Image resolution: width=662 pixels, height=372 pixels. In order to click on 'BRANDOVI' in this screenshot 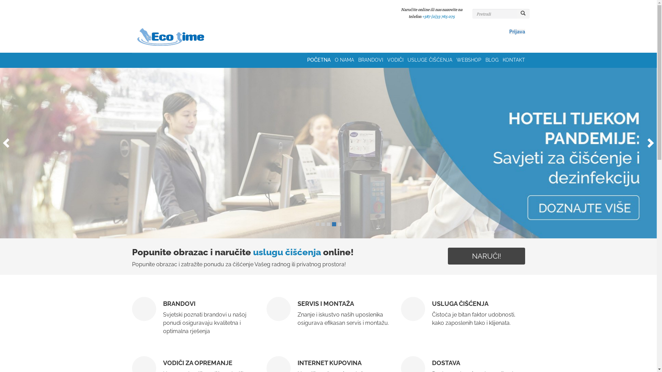, I will do `click(372, 60)`.